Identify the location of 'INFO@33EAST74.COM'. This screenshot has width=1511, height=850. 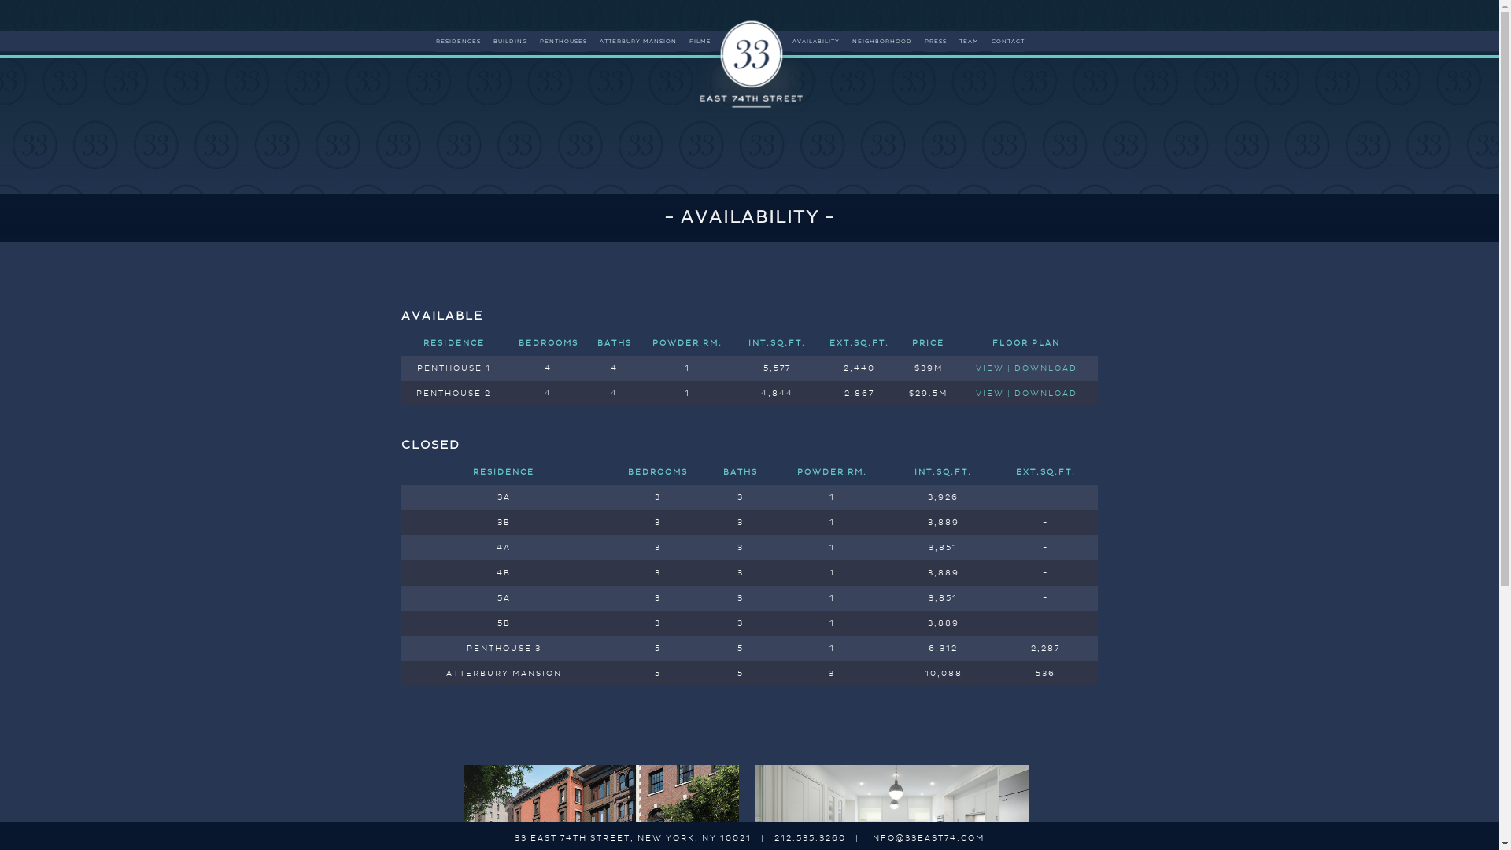
(926, 837).